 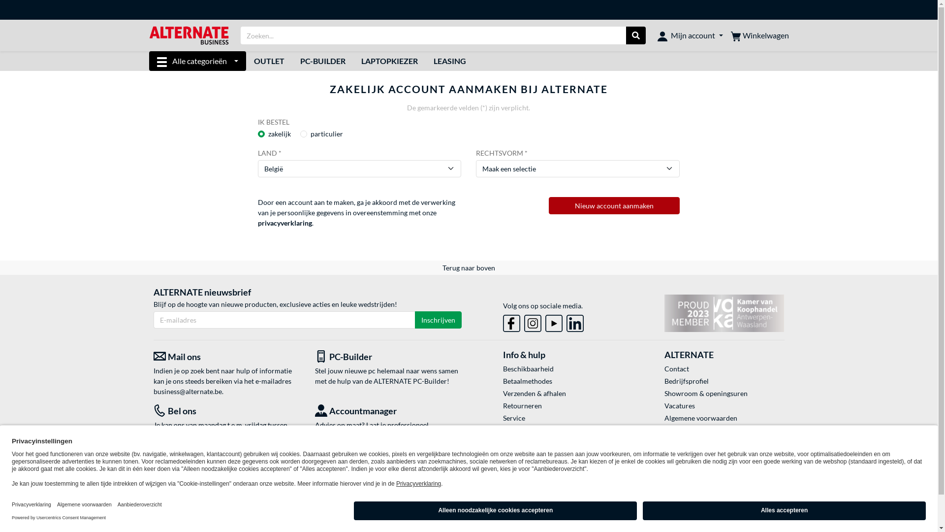 What do you see at coordinates (554, 321) in the screenshot?
I see `'YouTube'` at bounding box center [554, 321].